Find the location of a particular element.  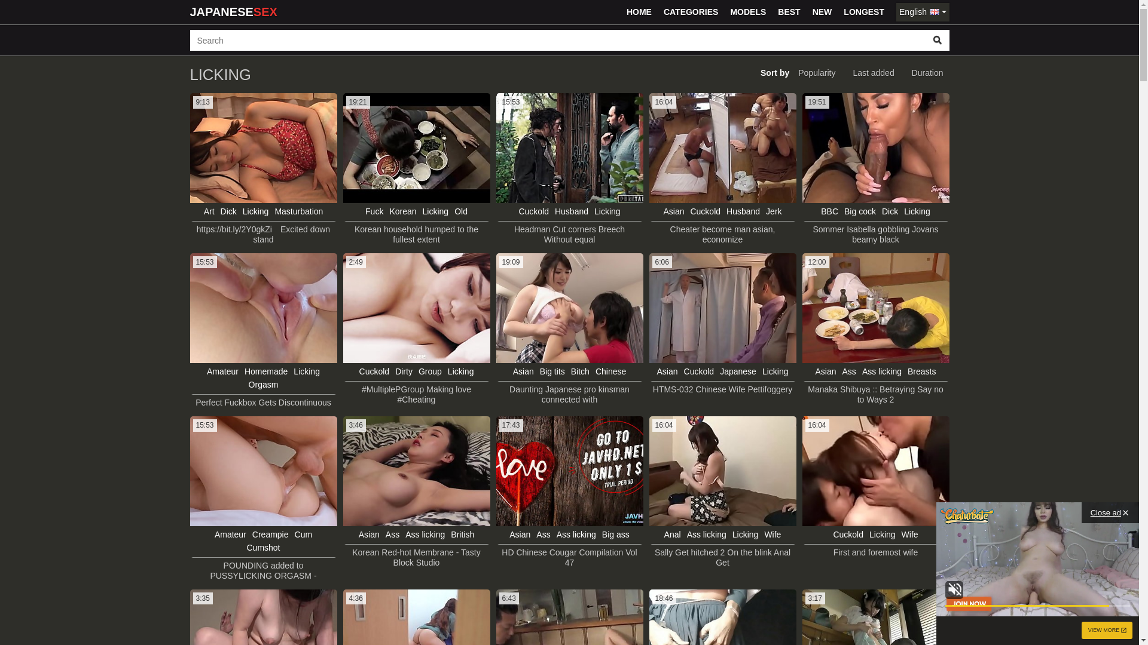

'Anal' is located at coordinates (672, 533).